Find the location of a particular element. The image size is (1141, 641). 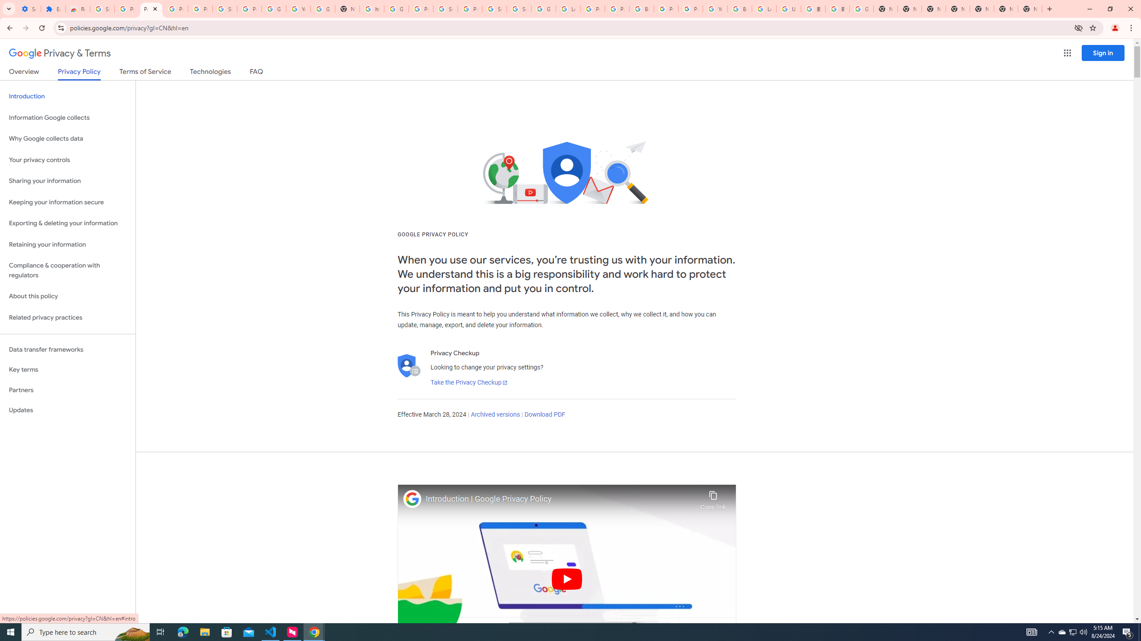

'Privacy & Terms' is located at coordinates (60, 53).